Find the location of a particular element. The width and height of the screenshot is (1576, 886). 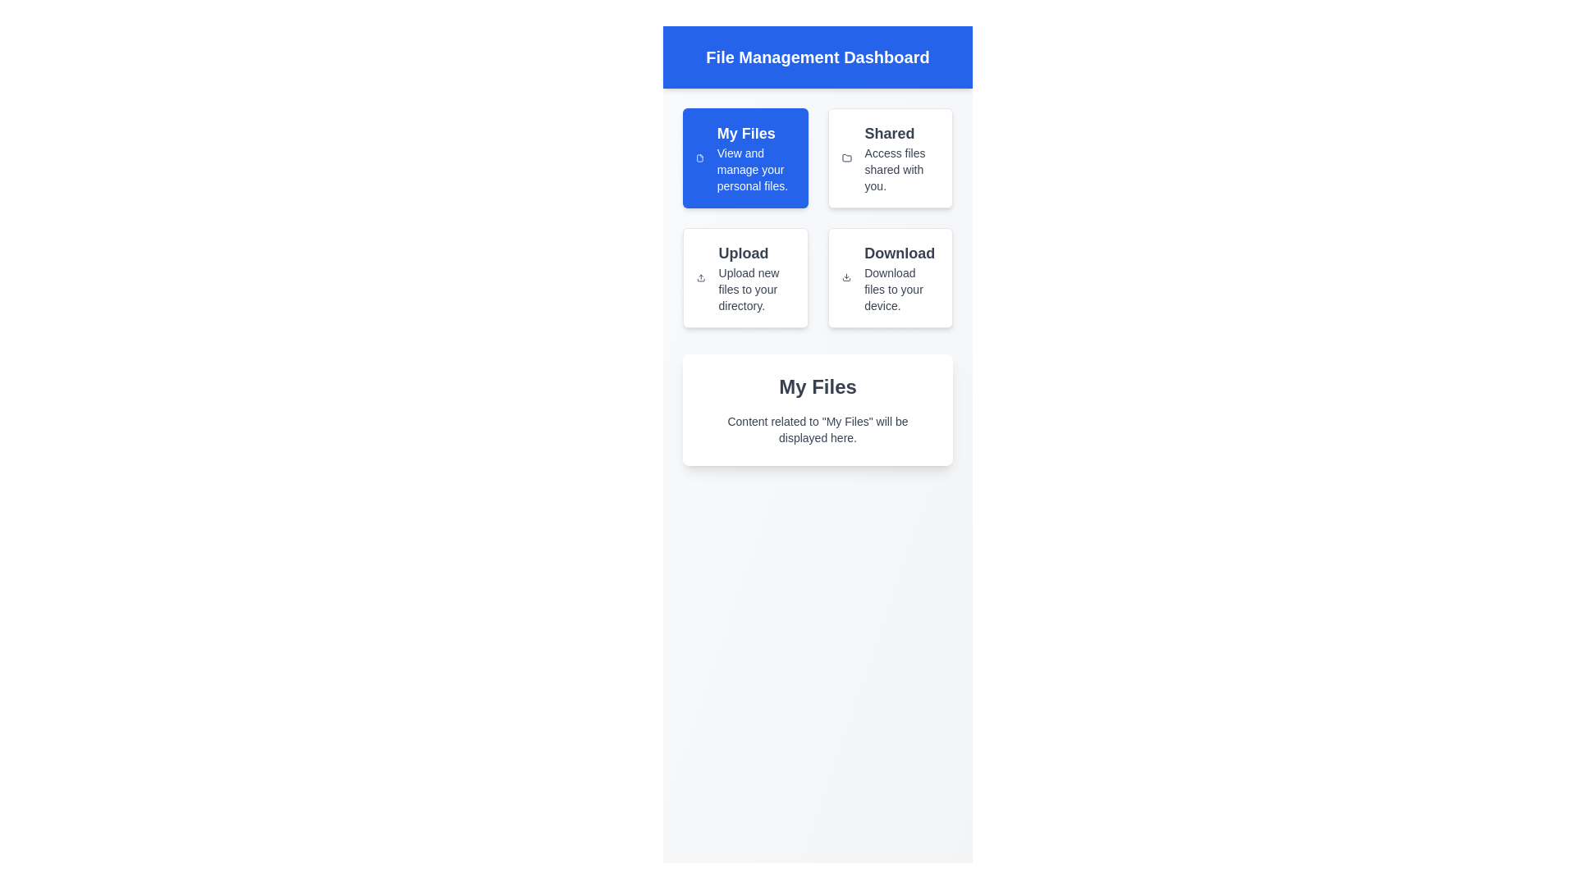

the 'Download' tile icon located at the bottom-right of the main grid, which is above the text 'Download files to your device.' is located at coordinates (846, 277).